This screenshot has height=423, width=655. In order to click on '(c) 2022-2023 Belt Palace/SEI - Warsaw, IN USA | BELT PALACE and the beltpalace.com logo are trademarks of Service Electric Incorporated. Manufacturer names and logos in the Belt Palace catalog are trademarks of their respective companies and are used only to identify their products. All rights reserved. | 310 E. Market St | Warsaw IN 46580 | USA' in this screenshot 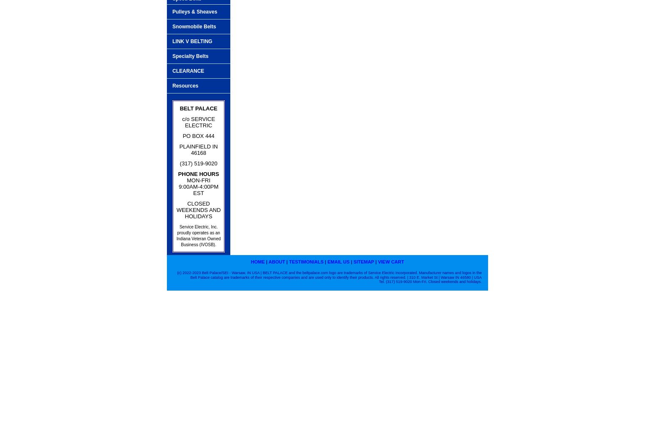, I will do `click(329, 275)`.